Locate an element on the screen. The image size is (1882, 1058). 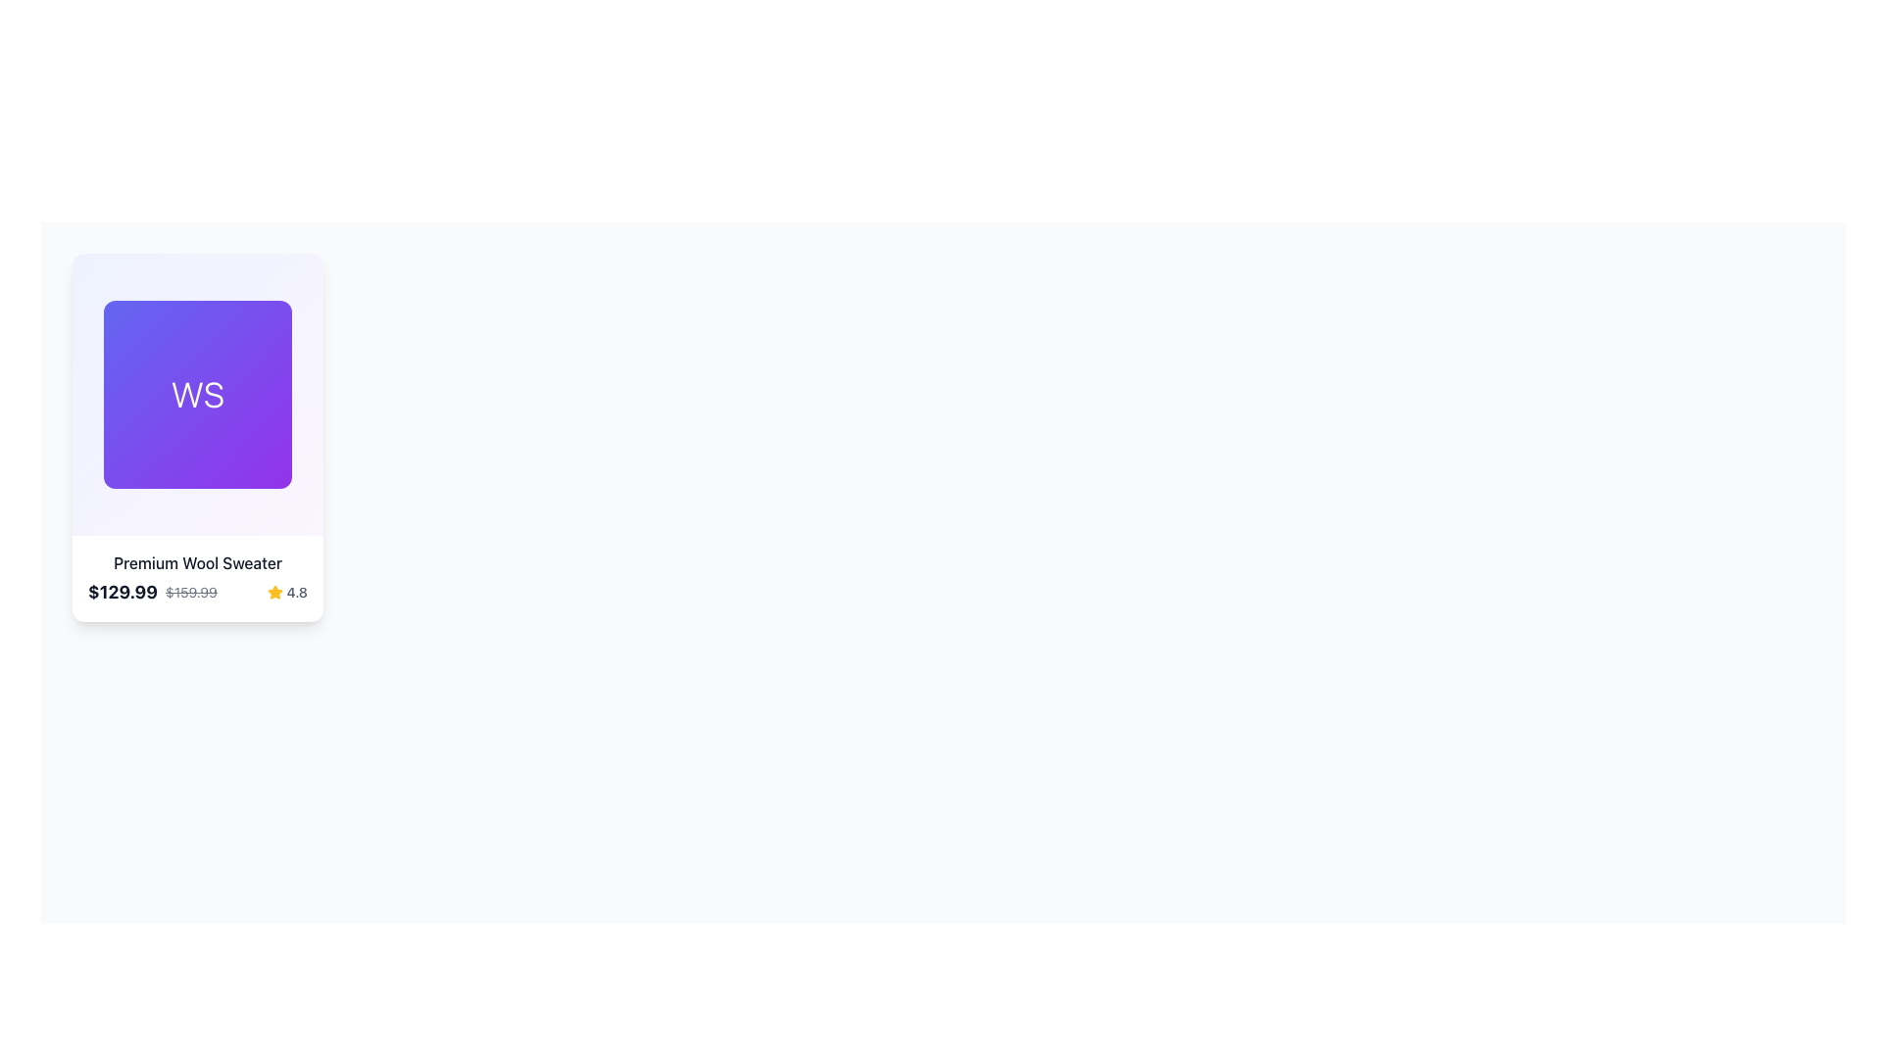
the text label displaying the discounted price '$159.99', which is styled with a strikethrough effect and located next to the main price '$129.99' is located at coordinates (191, 592).